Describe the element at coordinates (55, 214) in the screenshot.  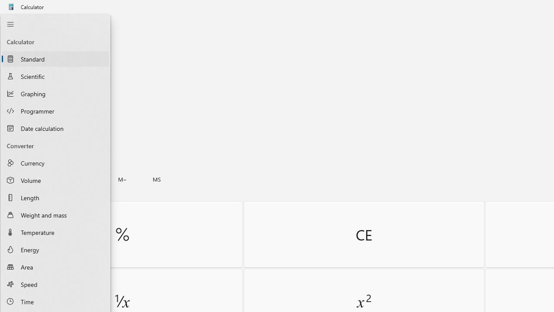
I see `'Weight and mass Converter'` at that location.